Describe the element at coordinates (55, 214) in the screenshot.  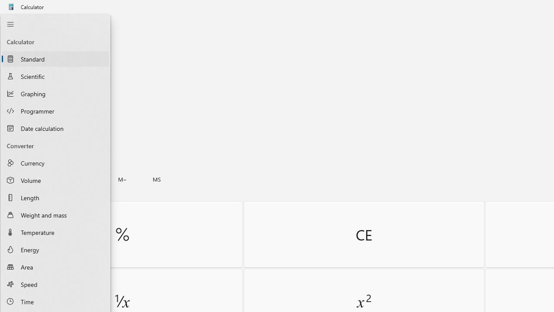
I see `'Weight and mass Converter'` at that location.